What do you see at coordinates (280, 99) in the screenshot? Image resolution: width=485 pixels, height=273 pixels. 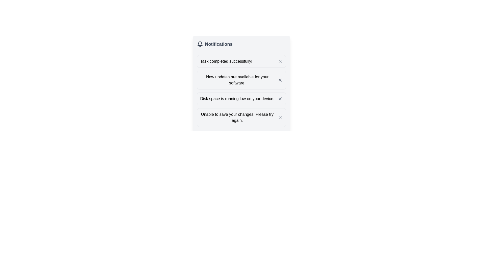 I see `the close button ('X') in the top-right corner of the notification labeled 'Disk space is running low on your device.'` at bounding box center [280, 99].